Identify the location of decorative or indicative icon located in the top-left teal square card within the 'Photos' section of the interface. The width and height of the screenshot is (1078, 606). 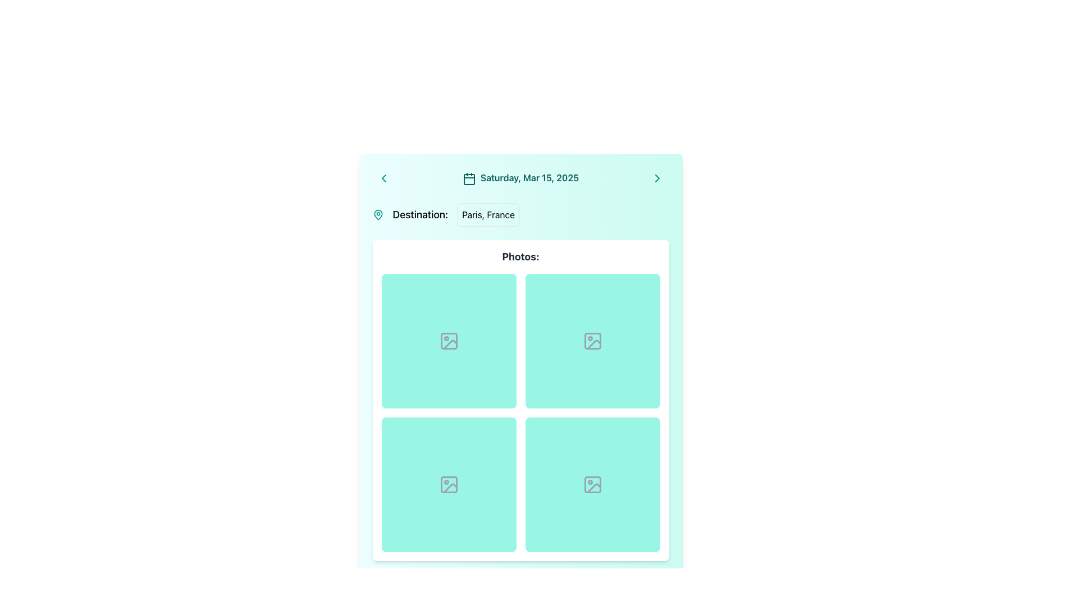
(448, 341).